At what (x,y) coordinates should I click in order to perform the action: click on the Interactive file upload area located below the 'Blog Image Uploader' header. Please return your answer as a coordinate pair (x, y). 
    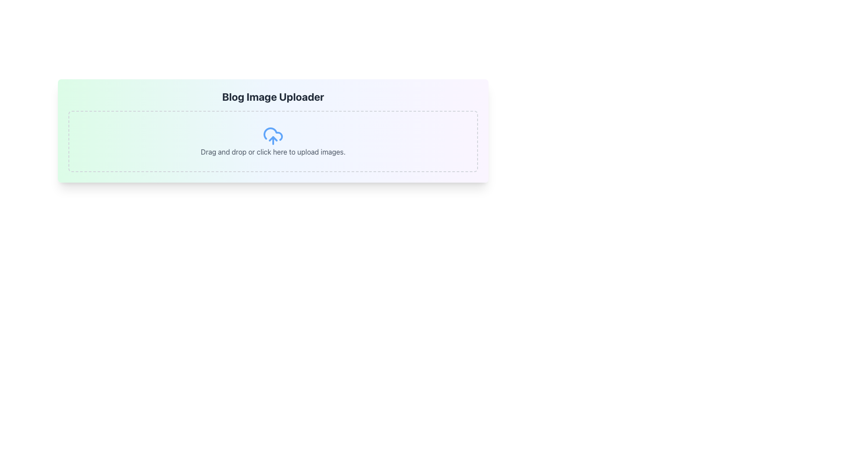
    Looking at the image, I should click on (273, 141).